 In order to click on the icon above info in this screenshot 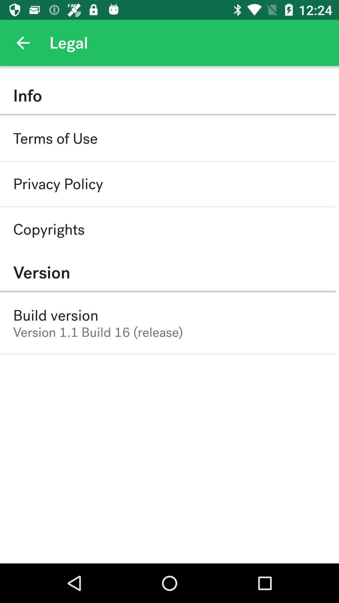, I will do `click(23, 42)`.